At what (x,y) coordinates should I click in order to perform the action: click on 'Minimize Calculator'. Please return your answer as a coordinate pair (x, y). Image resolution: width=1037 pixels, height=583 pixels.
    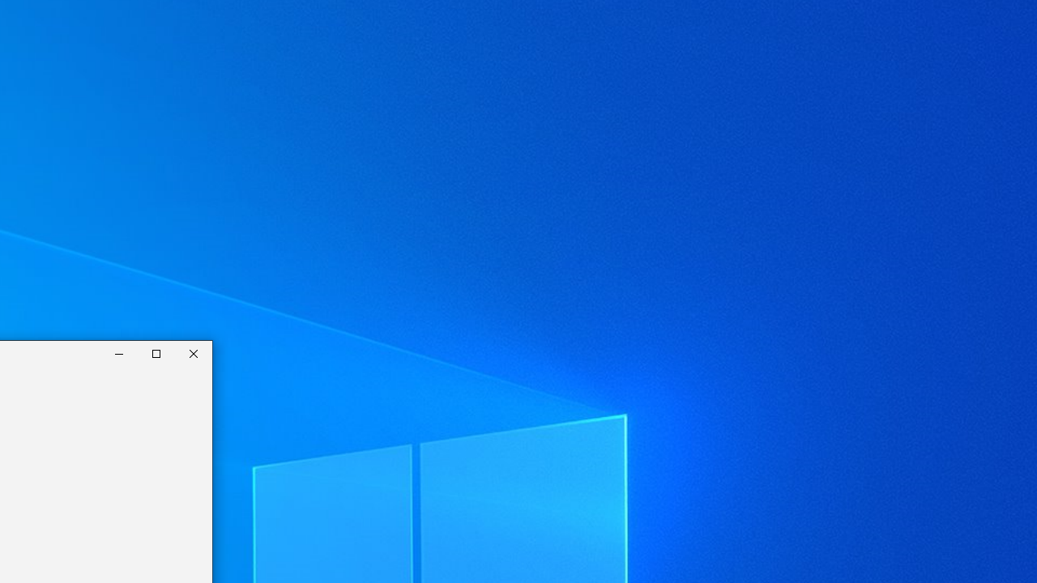
    Looking at the image, I should click on (118, 353).